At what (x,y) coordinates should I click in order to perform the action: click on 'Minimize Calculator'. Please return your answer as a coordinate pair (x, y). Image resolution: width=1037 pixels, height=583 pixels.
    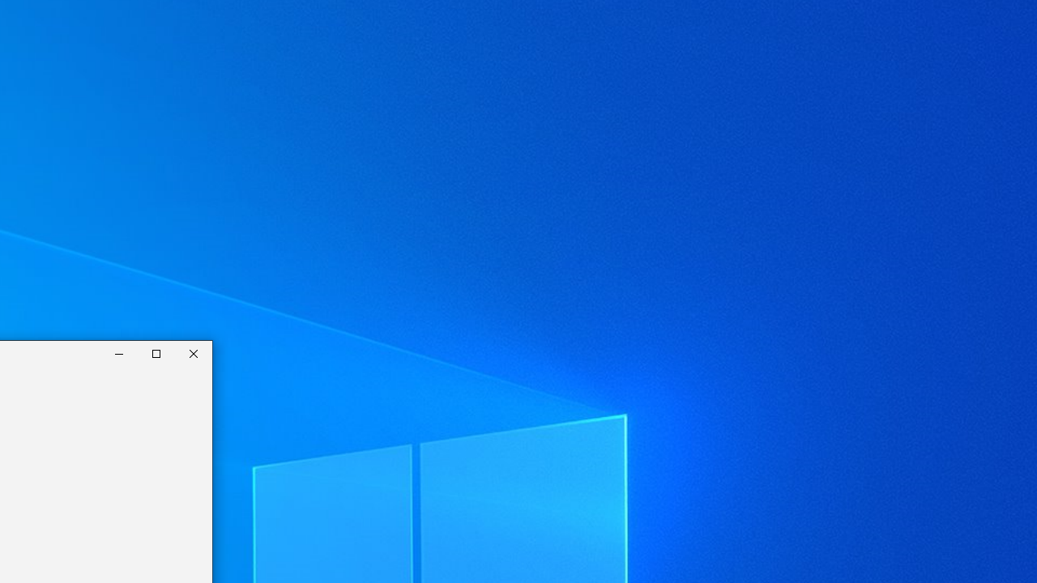
    Looking at the image, I should click on (118, 353).